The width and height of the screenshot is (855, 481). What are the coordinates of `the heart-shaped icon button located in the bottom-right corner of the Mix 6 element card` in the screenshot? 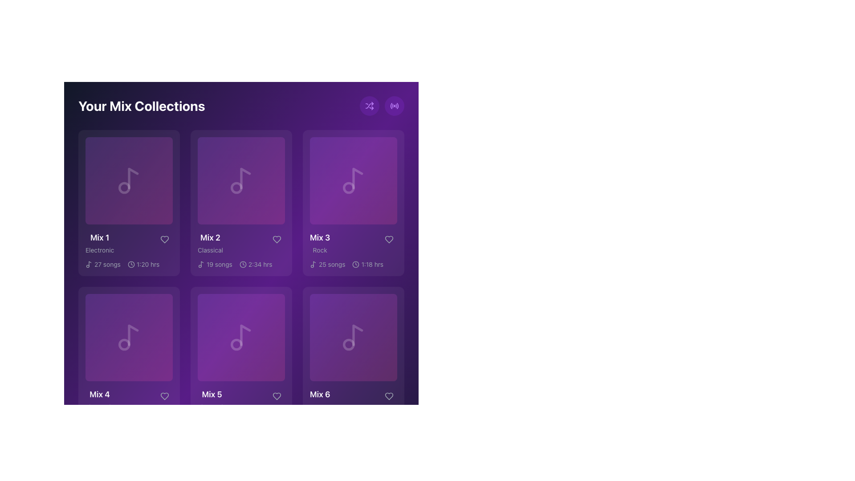 It's located at (389, 396).